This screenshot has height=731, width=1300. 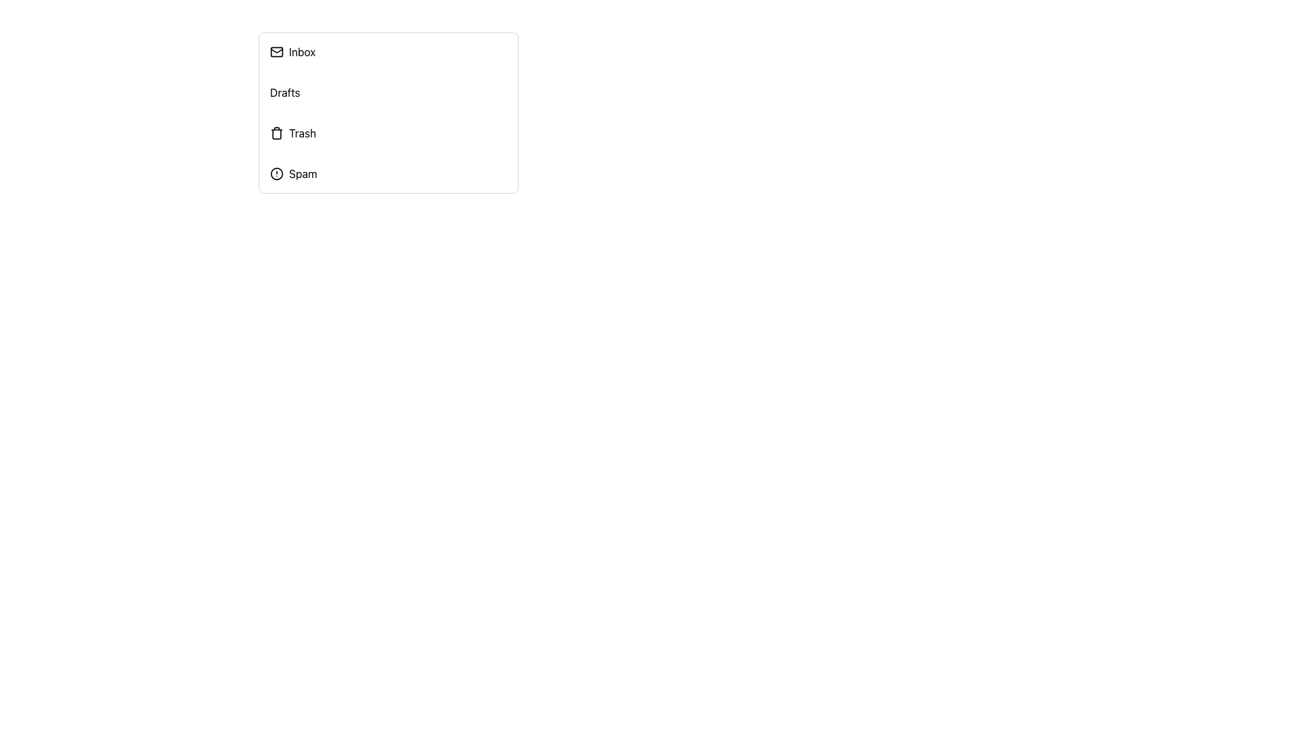 I want to click on the 'Trash' text label in the navigation list, so click(x=301, y=133).